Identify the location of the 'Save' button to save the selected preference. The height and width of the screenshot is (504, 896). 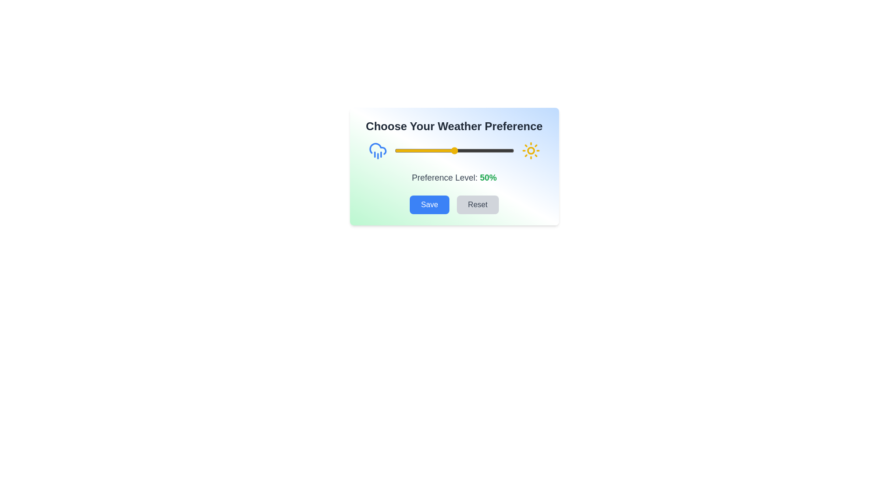
(429, 204).